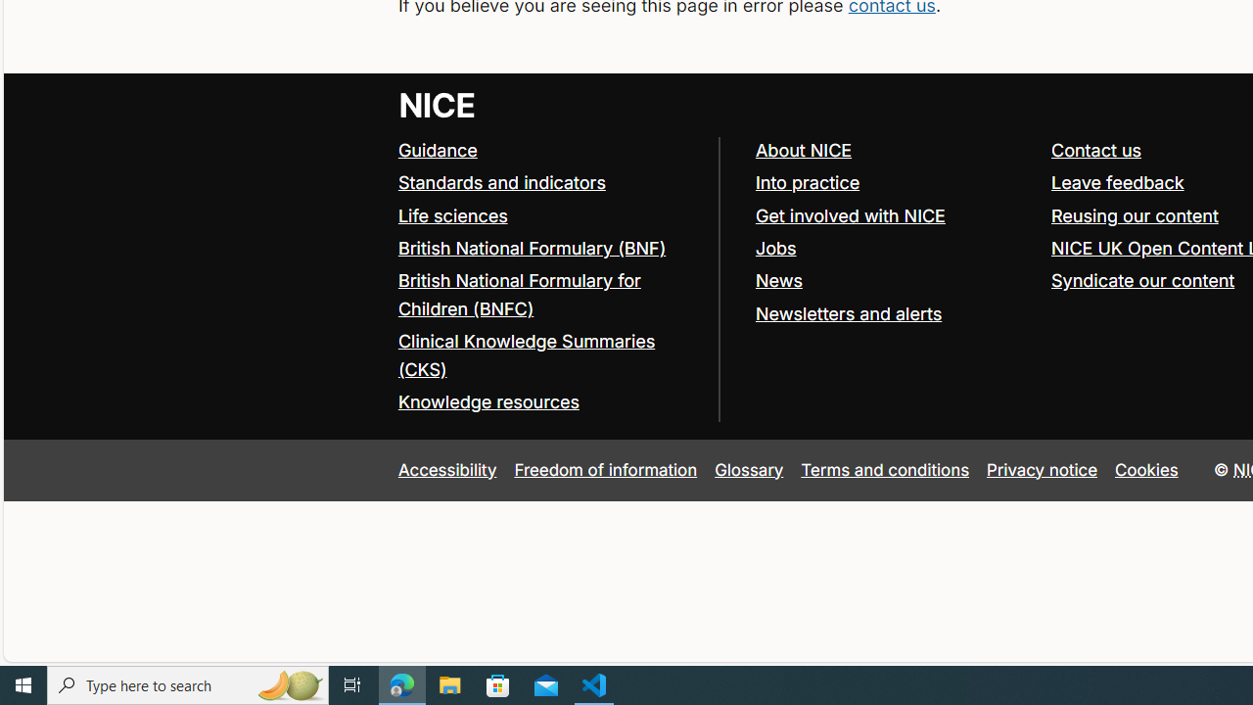  I want to click on 'Terms and conditions', so click(884, 469).